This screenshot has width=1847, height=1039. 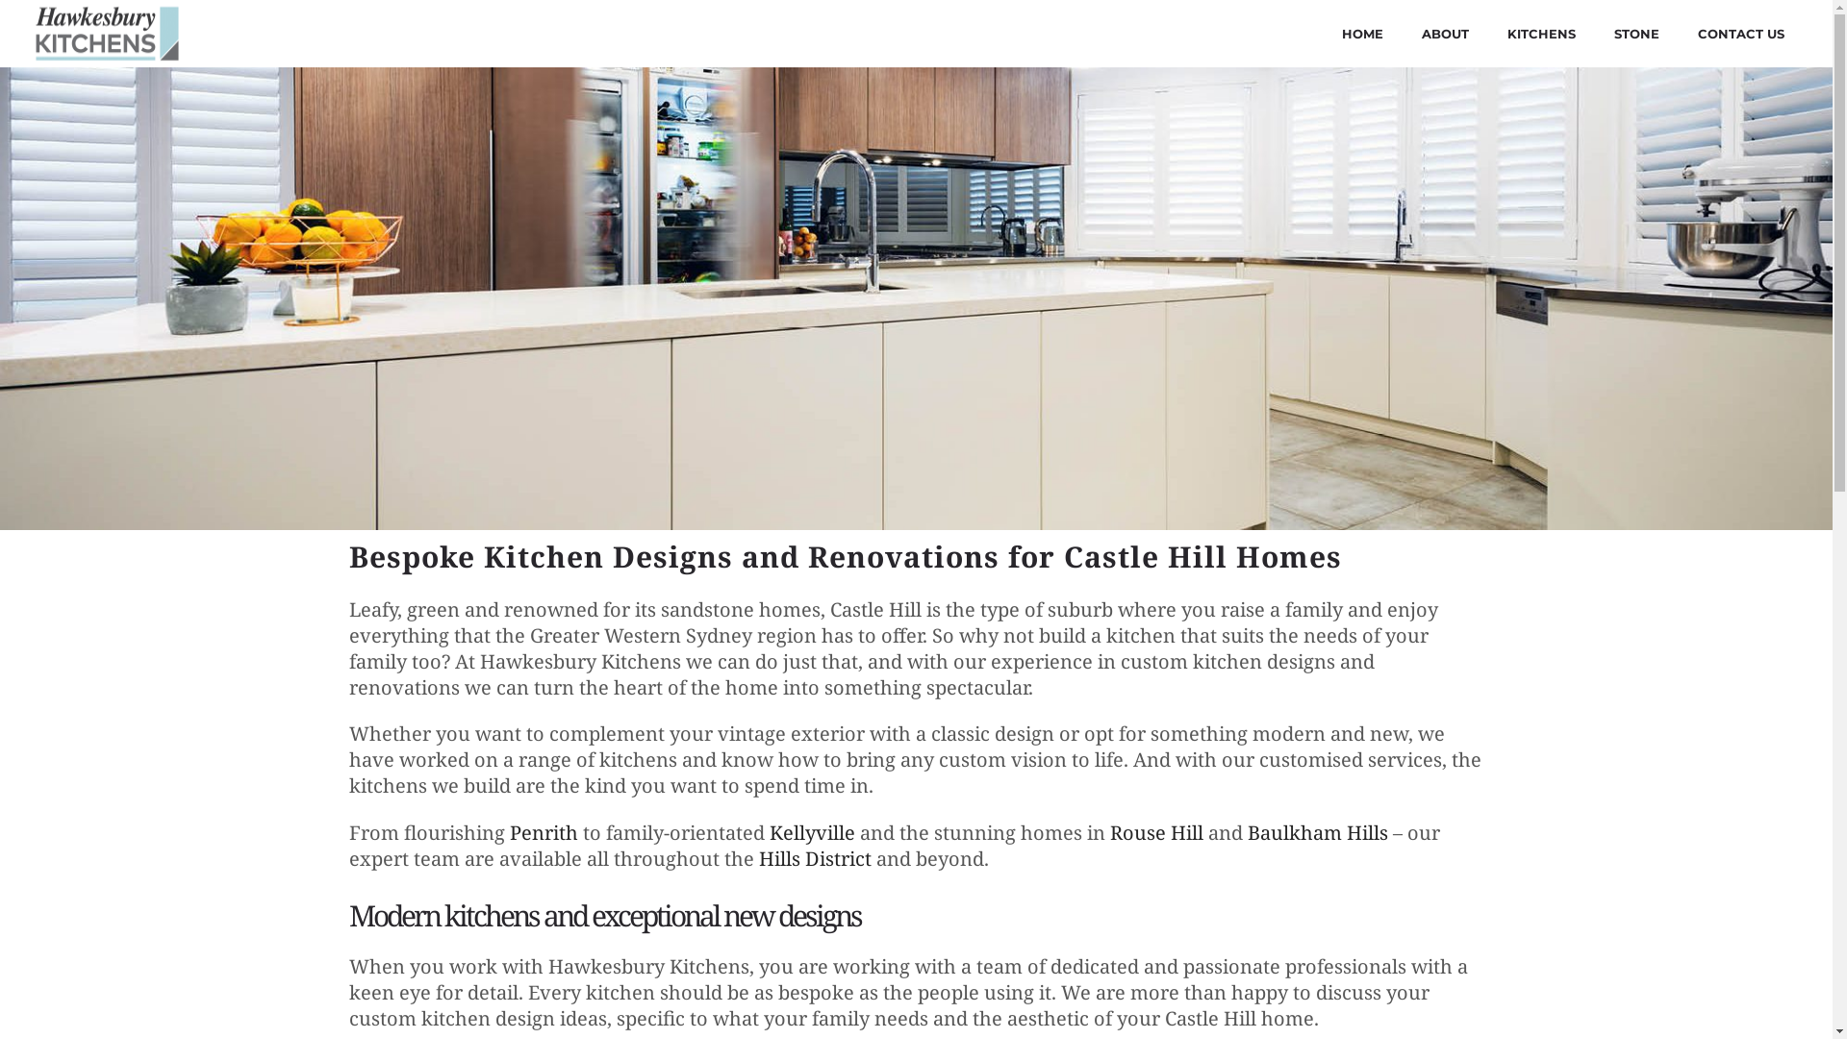 What do you see at coordinates (1740, 33) in the screenshot?
I see `'CONTACT US'` at bounding box center [1740, 33].